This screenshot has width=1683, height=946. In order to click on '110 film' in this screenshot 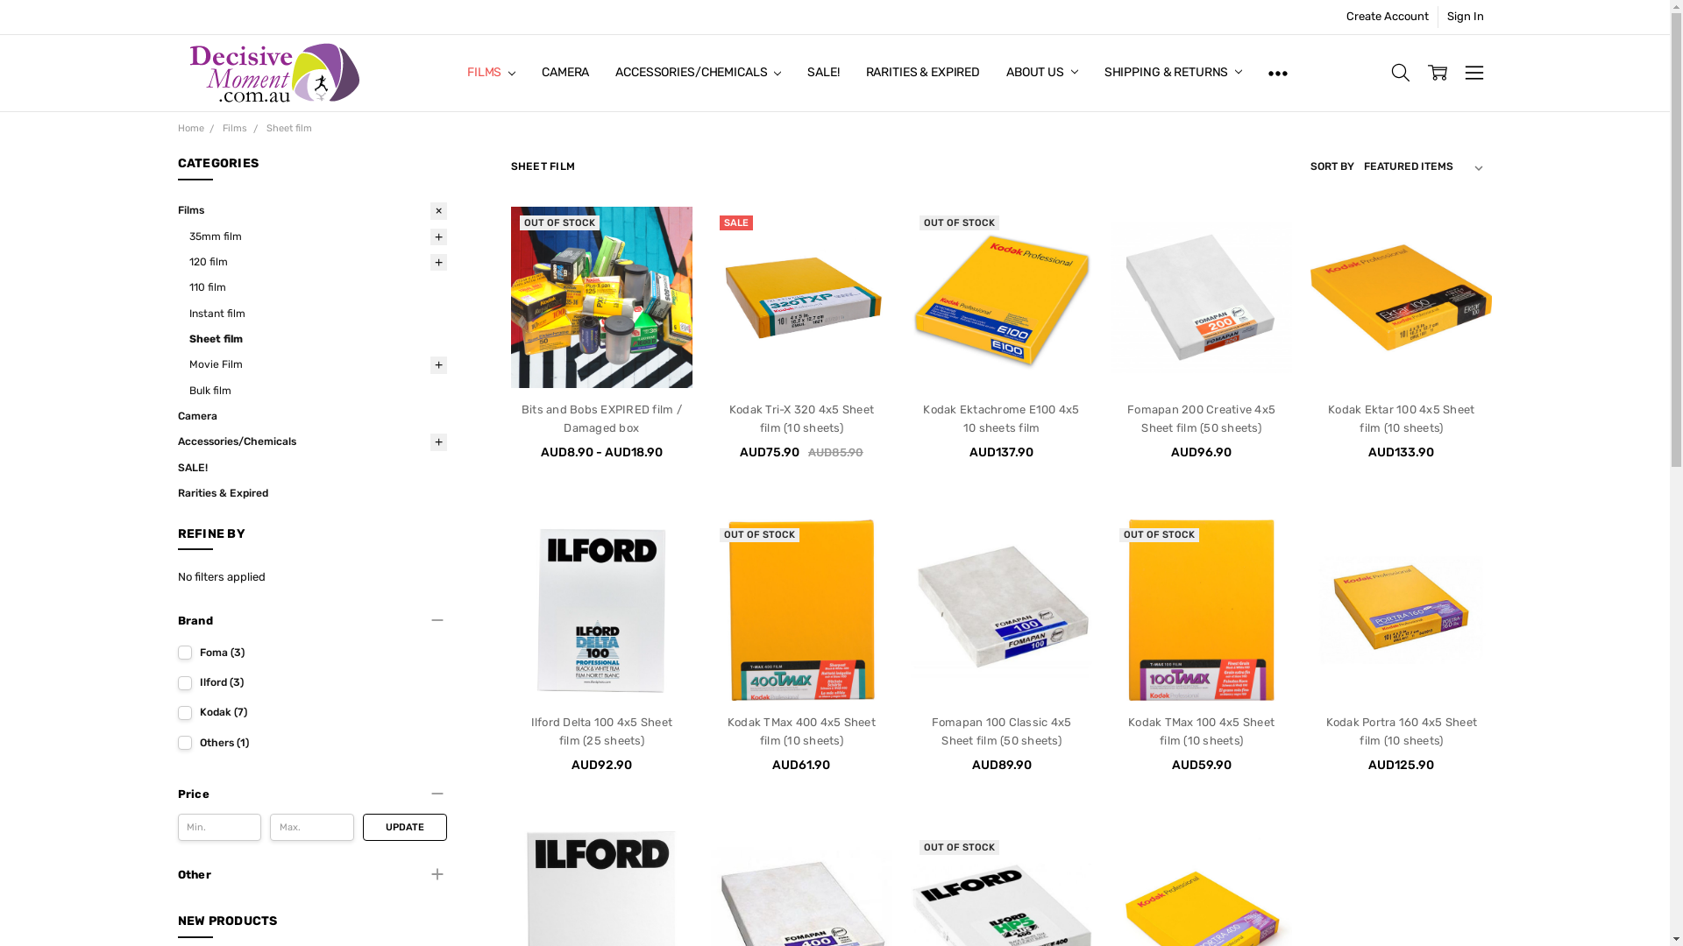, I will do `click(318, 286)`.